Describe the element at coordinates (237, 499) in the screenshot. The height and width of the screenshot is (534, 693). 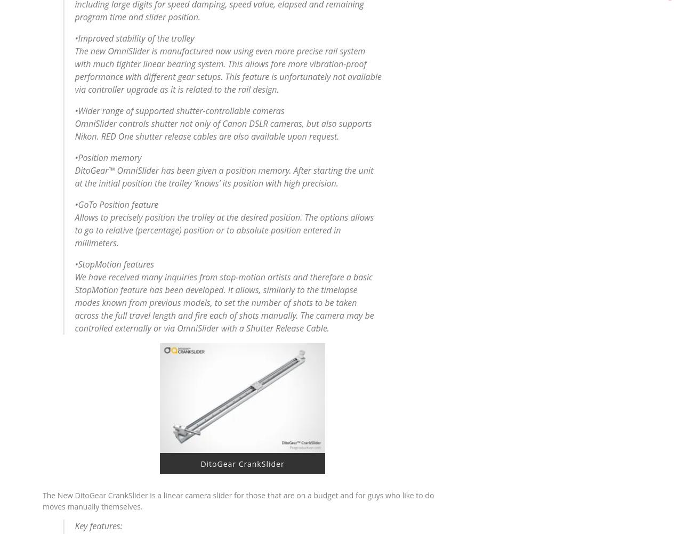
I see `'The New DitoGear CrankSlider is a linear camera slider for those that are on a budget and for guys who like to do moves manually themselves.'` at that location.